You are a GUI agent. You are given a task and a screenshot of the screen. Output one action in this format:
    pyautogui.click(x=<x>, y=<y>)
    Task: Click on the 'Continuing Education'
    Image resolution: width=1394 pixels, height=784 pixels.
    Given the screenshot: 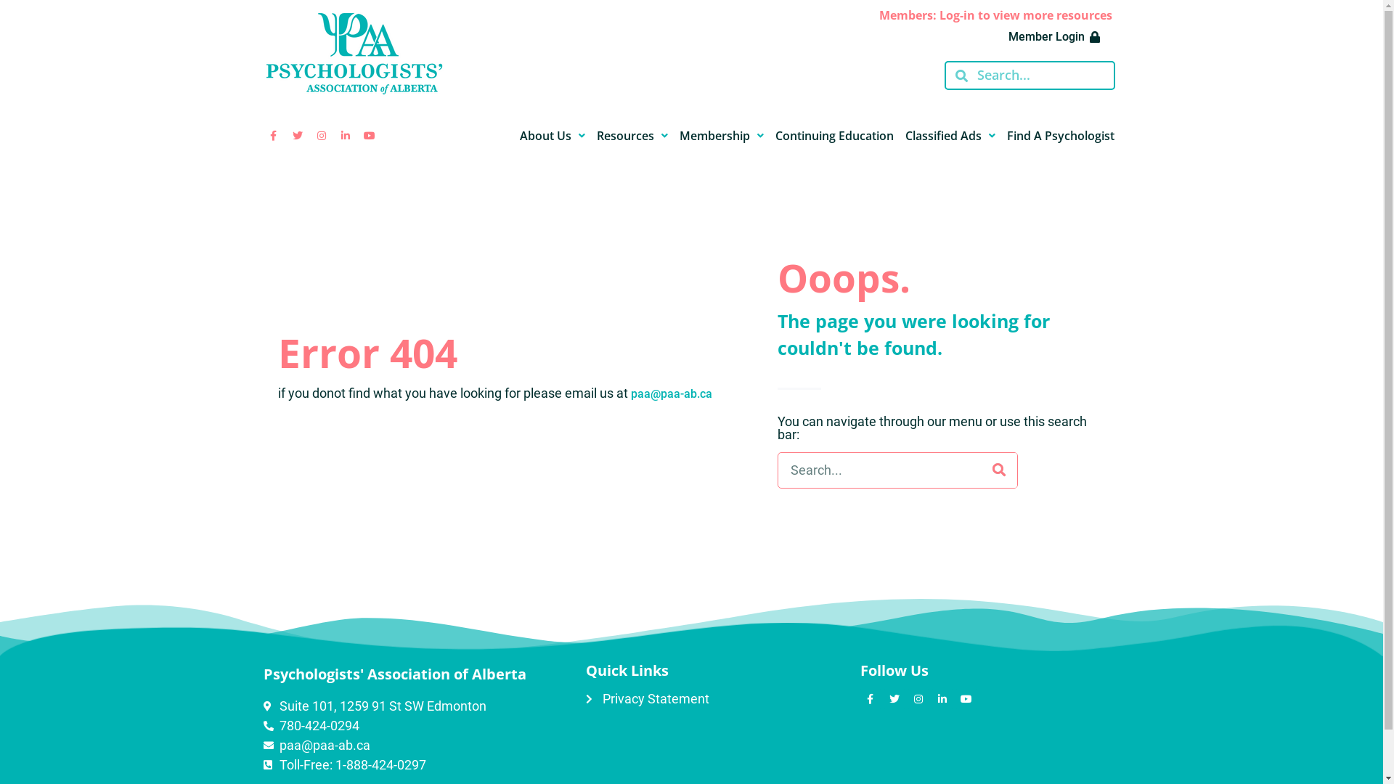 What is the action you would take?
    pyautogui.click(x=769, y=135)
    